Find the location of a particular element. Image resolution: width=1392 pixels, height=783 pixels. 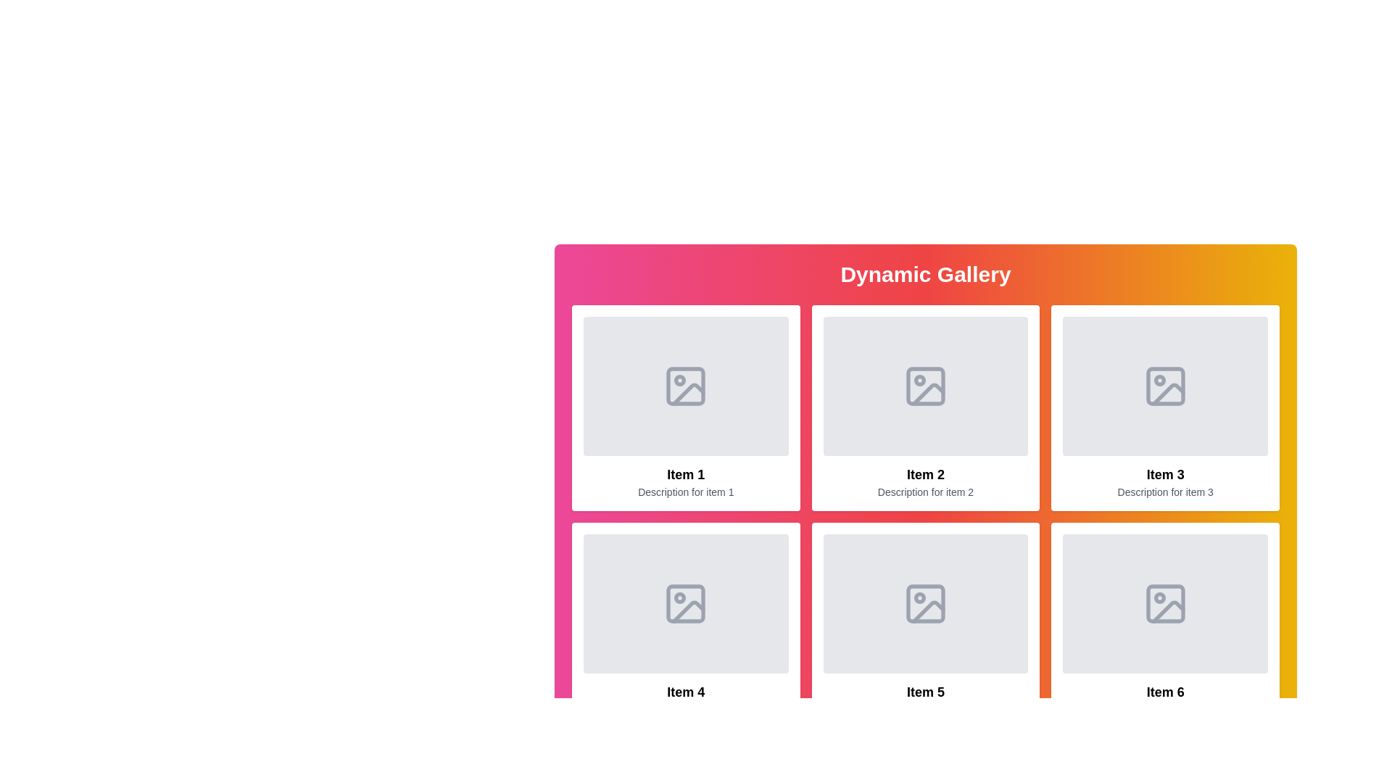

the Gallery item card labeled 'Item 2', which features an image placeholder icon at the top, a bold title 'Item 2', and a smaller description 'Description for item 2' is located at coordinates (924, 408).